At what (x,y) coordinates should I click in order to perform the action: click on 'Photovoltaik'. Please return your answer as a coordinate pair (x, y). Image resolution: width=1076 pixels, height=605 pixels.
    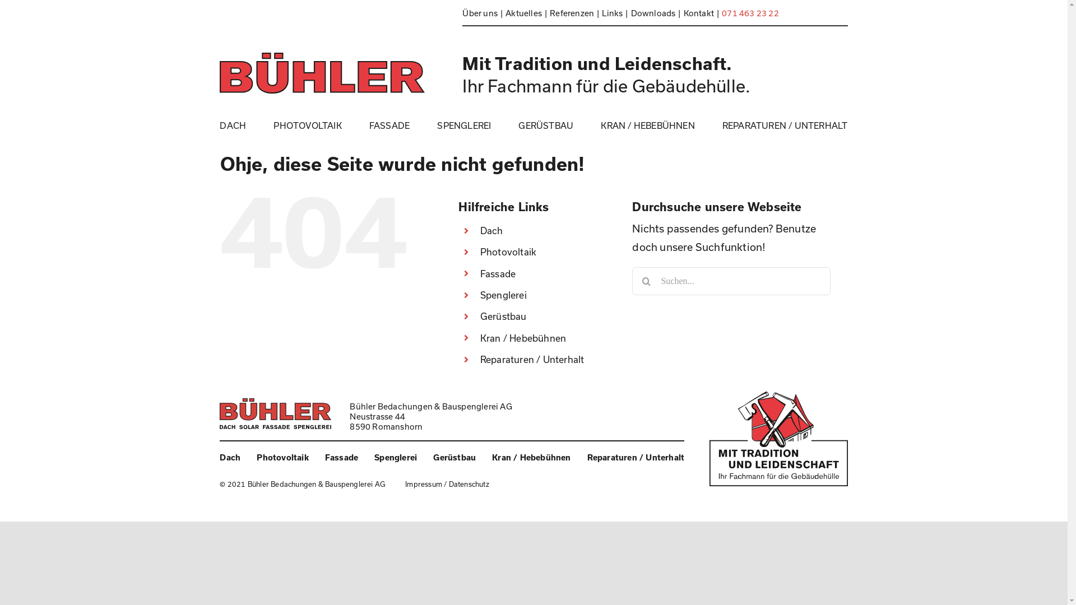
    Looking at the image, I should click on (256, 457).